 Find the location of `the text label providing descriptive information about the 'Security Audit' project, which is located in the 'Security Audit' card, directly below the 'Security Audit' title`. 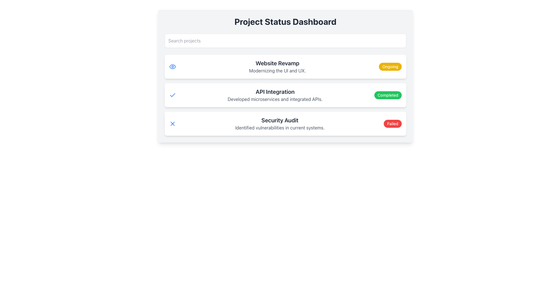

the text label providing descriptive information about the 'Security Audit' project, which is located in the 'Security Audit' card, directly below the 'Security Audit' title is located at coordinates (280, 127).